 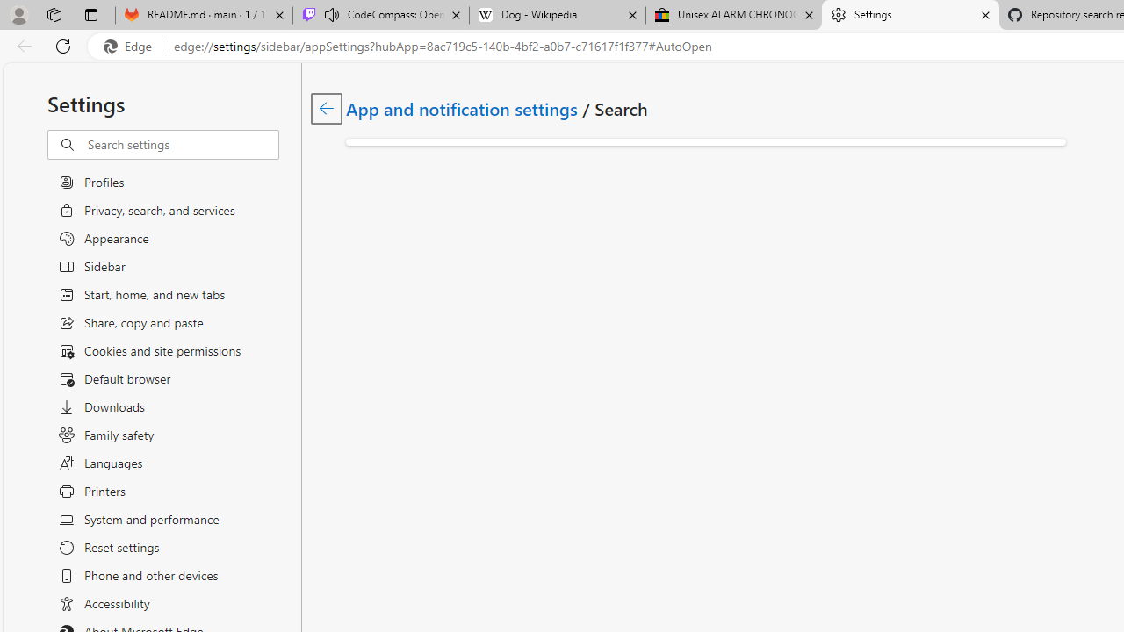 What do you see at coordinates (326, 108) in the screenshot?
I see `'Class: c01177'` at bounding box center [326, 108].